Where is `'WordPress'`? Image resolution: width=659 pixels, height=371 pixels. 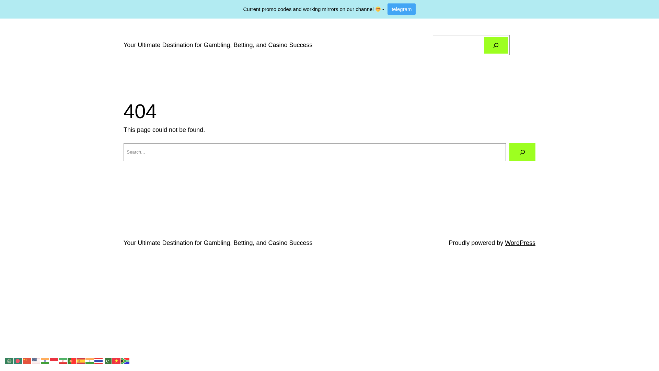 'WordPress' is located at coordinates (520, 242).